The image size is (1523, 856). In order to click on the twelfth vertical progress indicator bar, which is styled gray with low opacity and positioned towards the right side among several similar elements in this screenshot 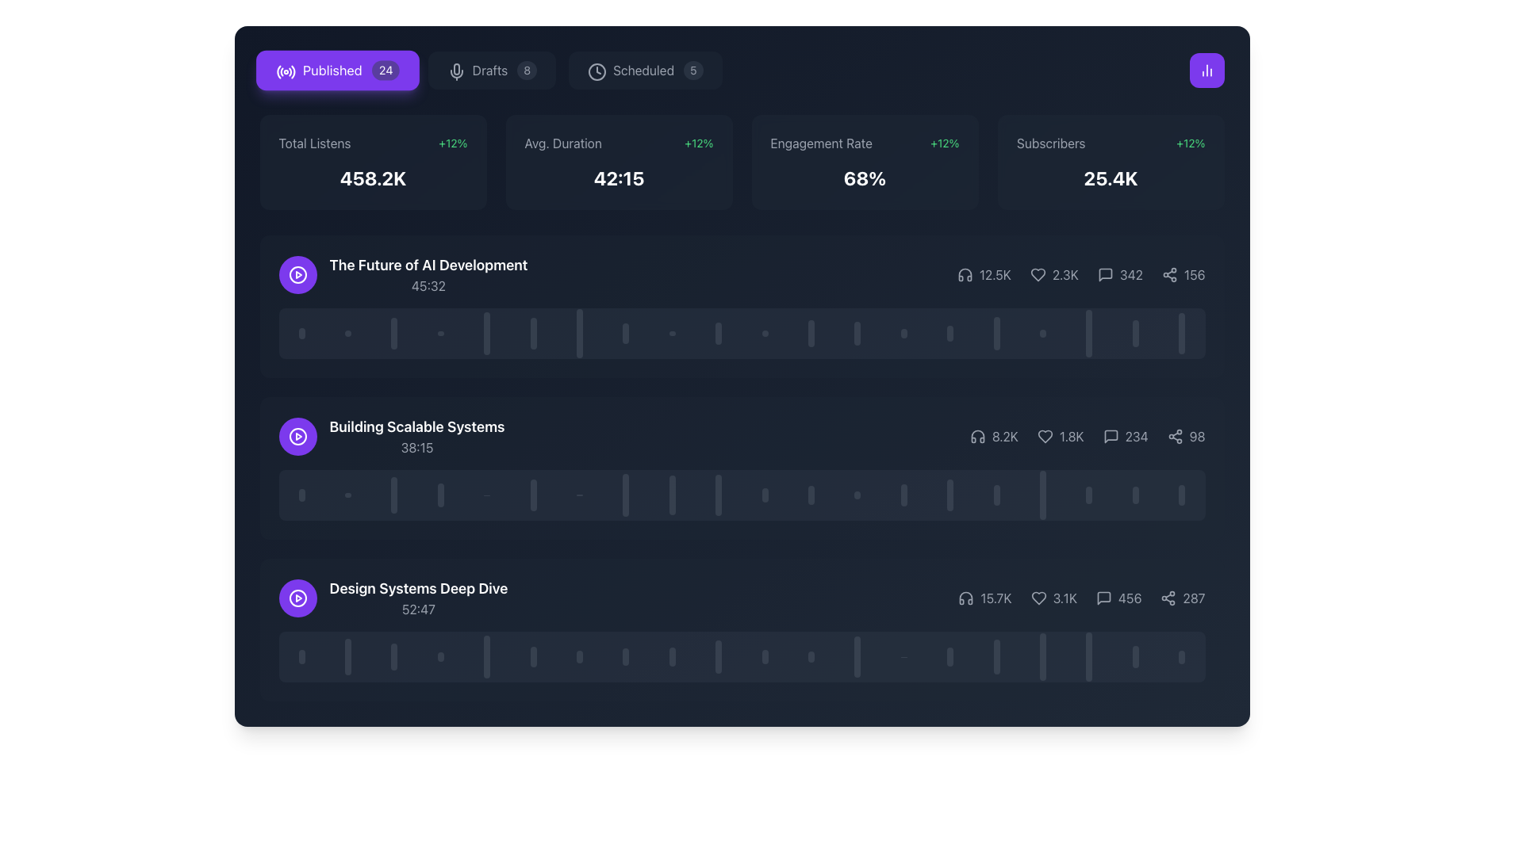, I will do `click(811, 657)`.